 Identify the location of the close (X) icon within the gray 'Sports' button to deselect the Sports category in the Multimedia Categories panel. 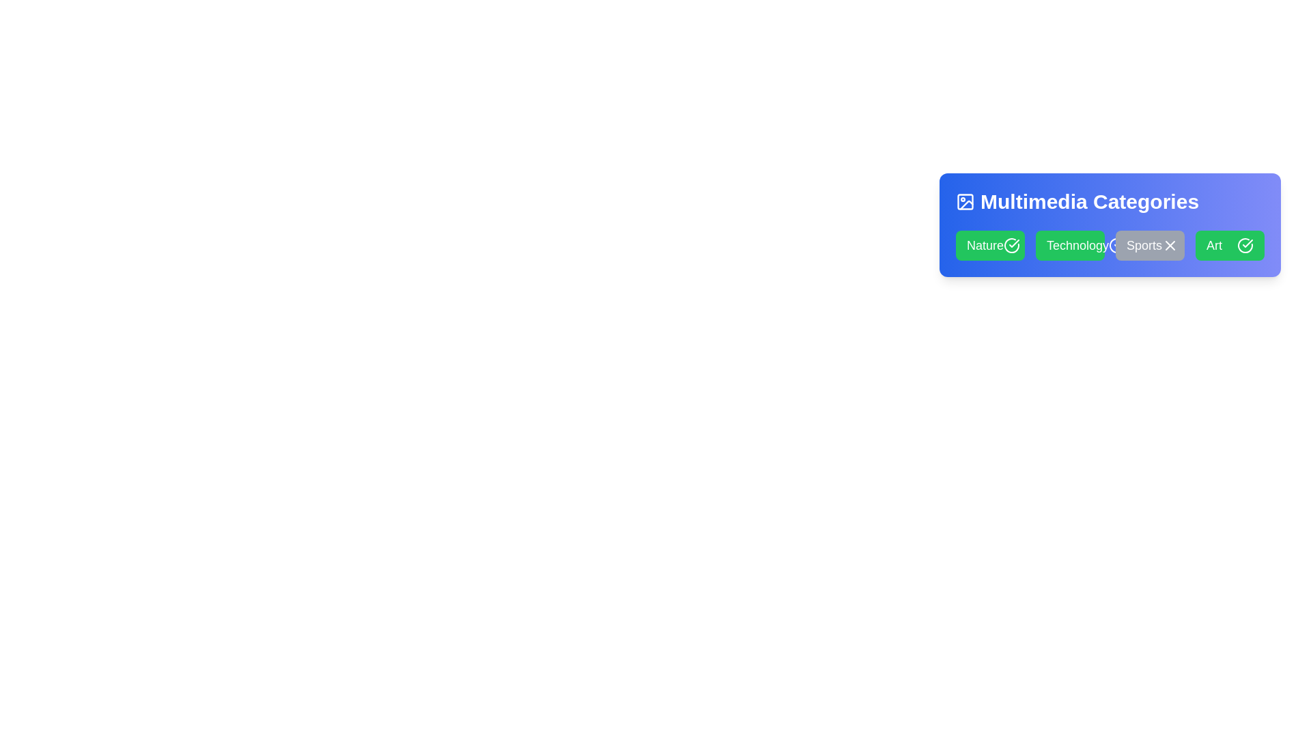
(1169, 244).